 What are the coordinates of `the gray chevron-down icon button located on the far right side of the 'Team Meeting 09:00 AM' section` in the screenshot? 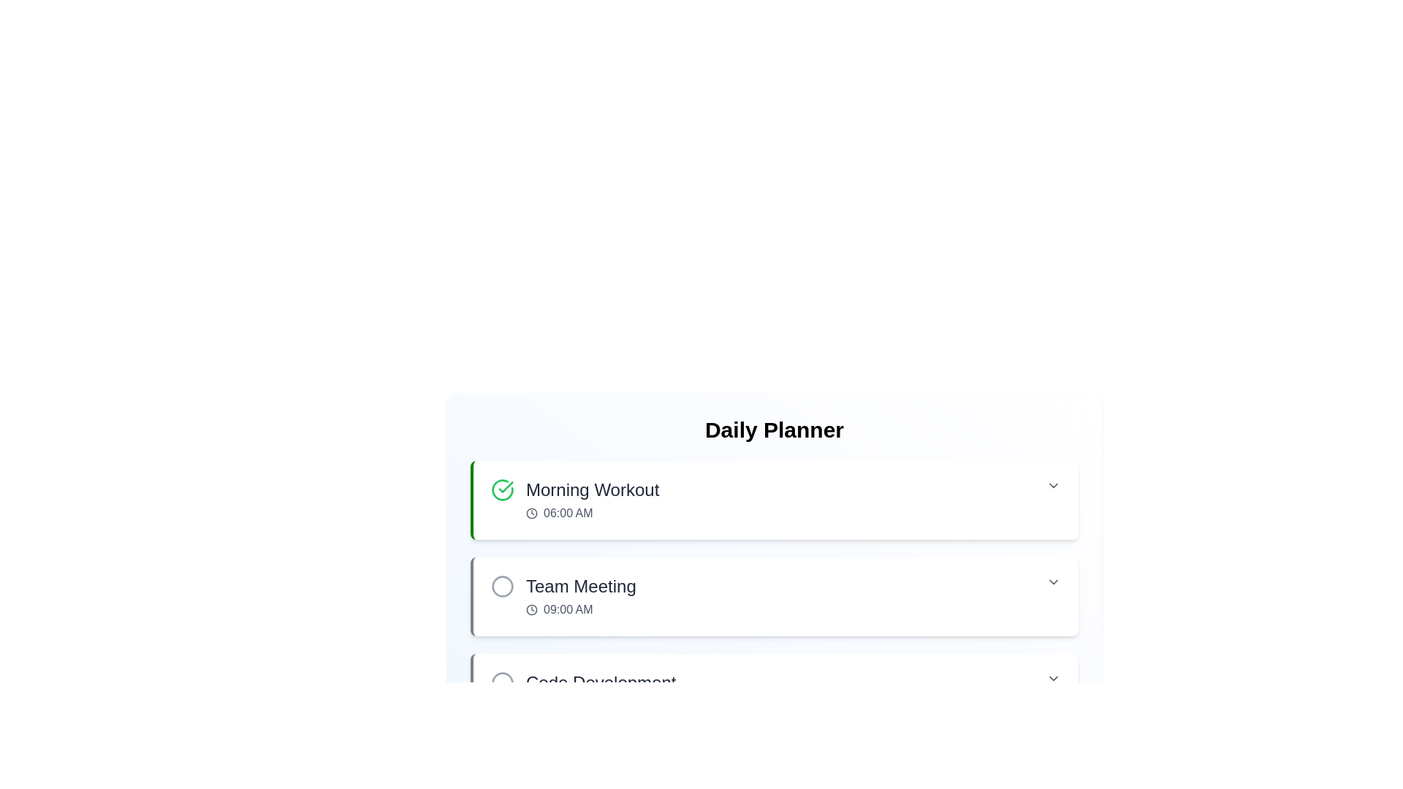 It's located at (1053, 582).